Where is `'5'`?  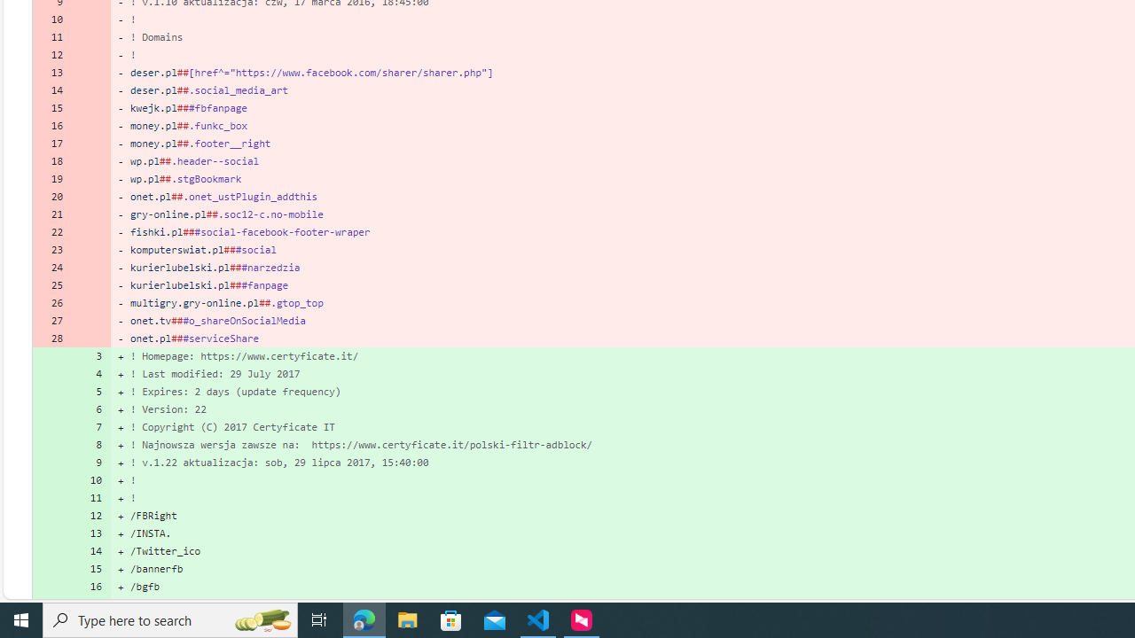
'5' is located at coordinates (90, 391).